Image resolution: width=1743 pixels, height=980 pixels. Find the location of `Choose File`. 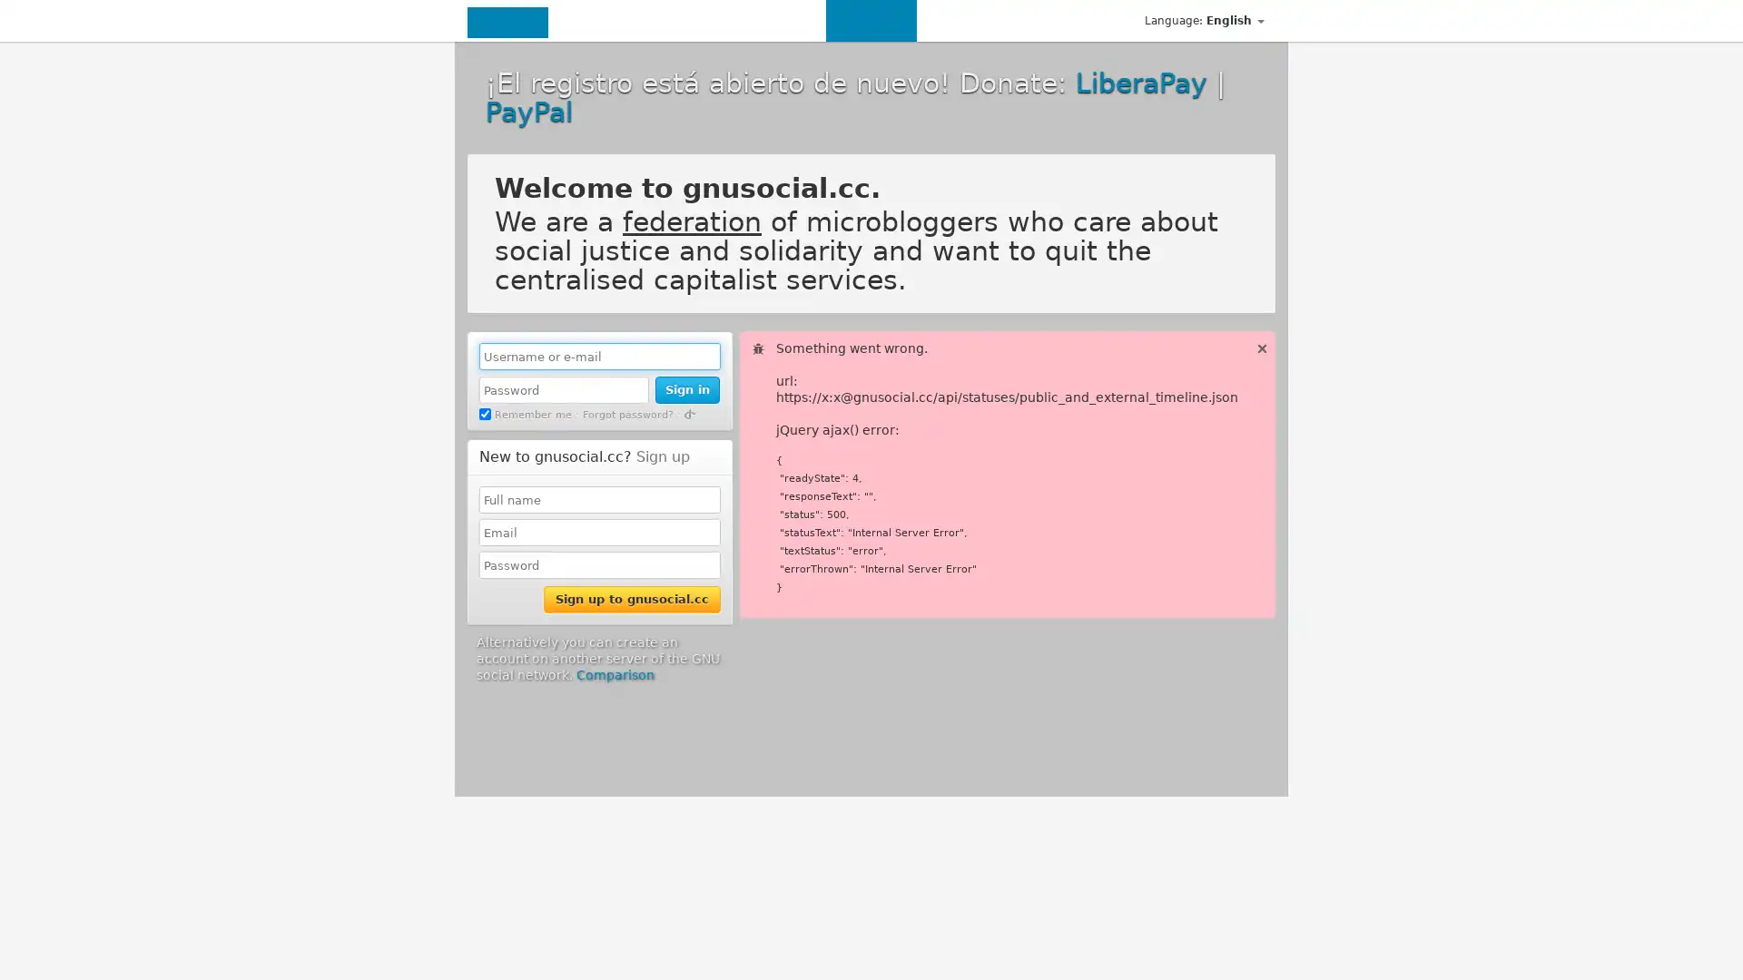

Choose File is located at coordinates (911, 44).